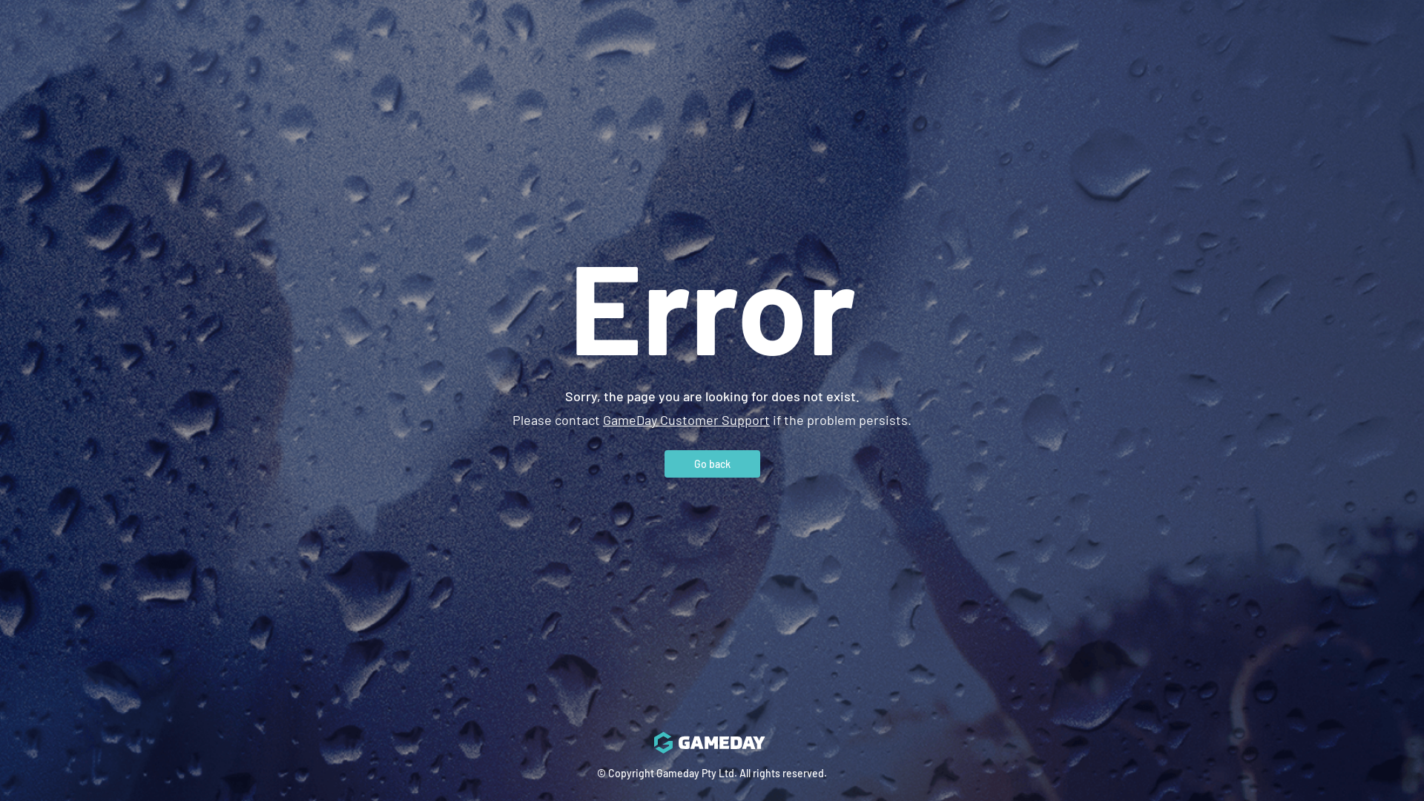  I want to click on 'Go back', so click(712, 462).